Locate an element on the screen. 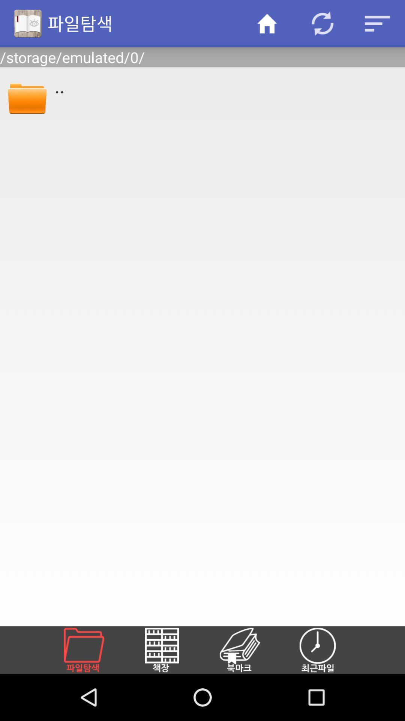 The width and height of the screenshot is (405, 721). icon below .. icon is located at coordinates (92, 650).